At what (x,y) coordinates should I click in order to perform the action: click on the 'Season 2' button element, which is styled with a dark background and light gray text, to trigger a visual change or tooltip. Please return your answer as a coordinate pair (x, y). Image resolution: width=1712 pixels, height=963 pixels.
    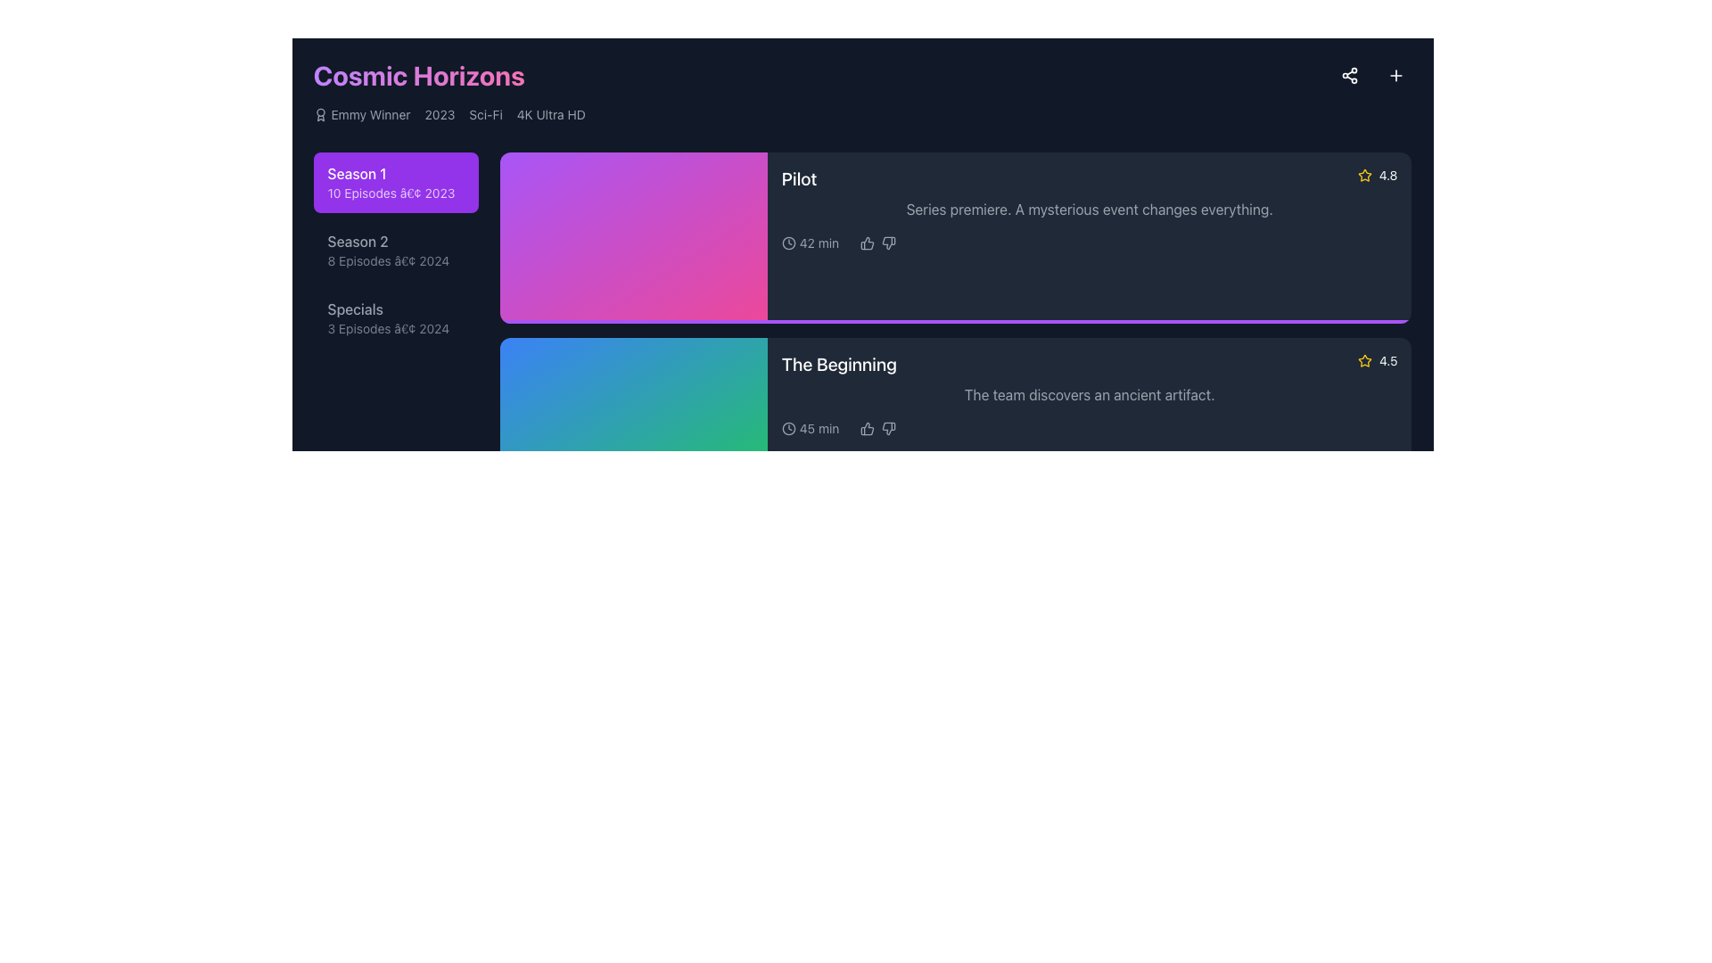
    Looking at the image, I should click on (395, 251).